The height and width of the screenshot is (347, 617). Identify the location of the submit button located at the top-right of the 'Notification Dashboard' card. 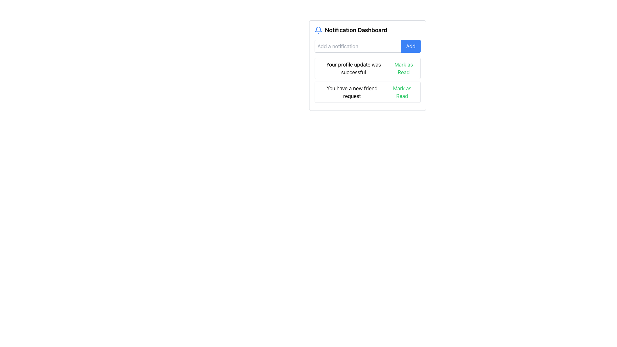
(410, 46).